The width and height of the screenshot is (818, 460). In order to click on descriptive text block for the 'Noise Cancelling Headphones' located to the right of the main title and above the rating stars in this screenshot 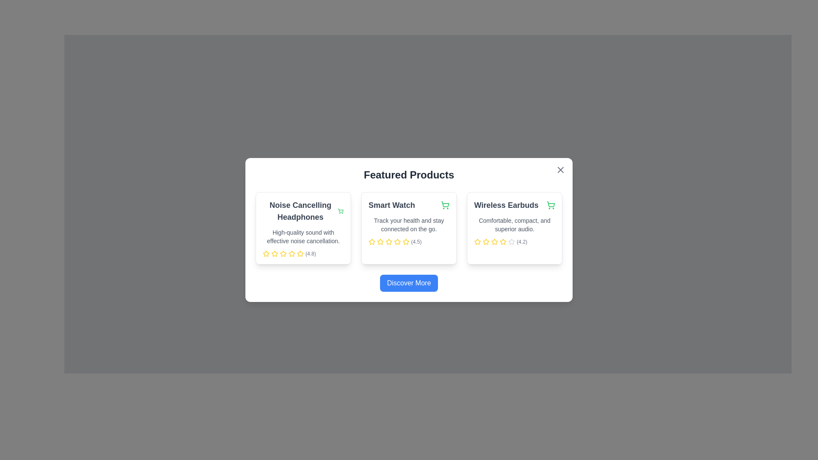, I will do `click(303, 236)`.